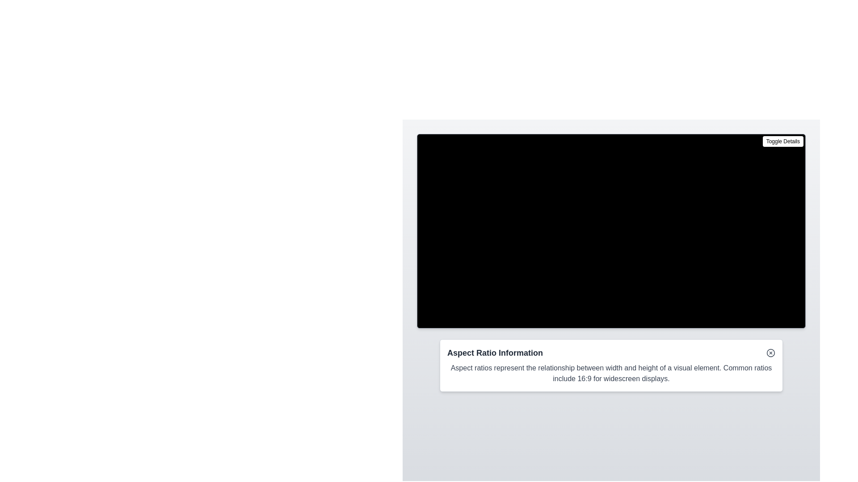 The height and width of the screenshot is (482, 858). Describe the element at coordinates (770, 352) in the screenshot. I see `the close button located in the top-right corner of the 'Aspect Ratio Information' panel` at that location.